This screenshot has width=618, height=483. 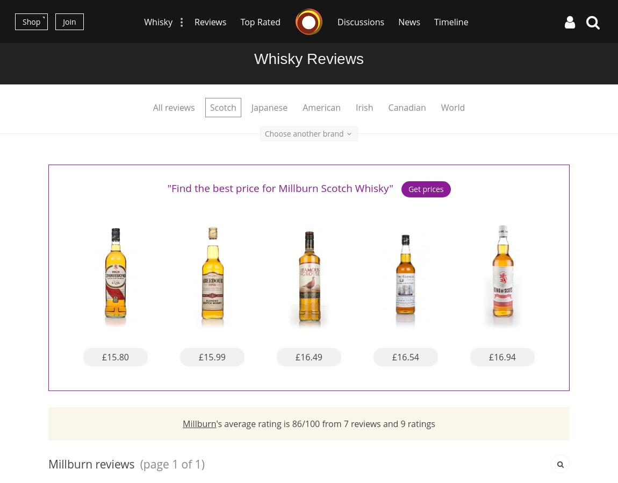 I want to click on 'All', so click(x=159, y=106).